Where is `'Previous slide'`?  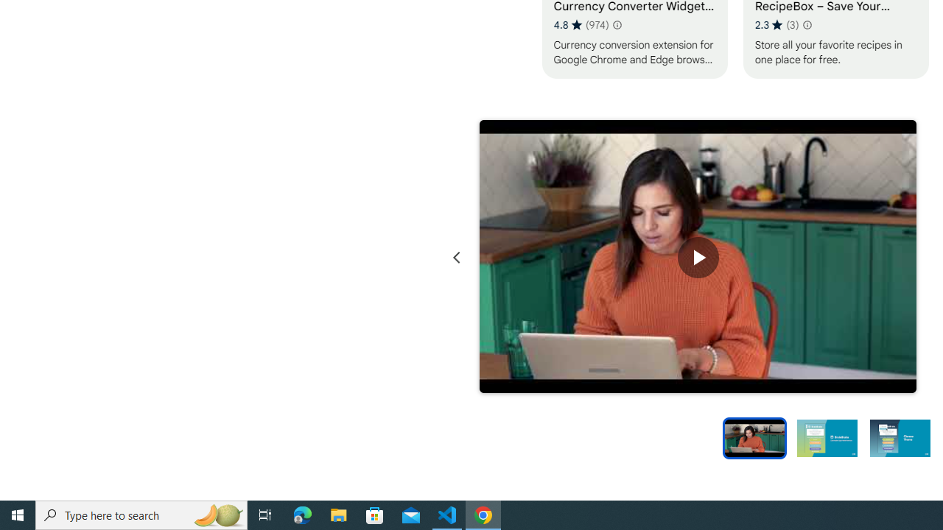
'Previous slide' is located at coordinates (455, 257).